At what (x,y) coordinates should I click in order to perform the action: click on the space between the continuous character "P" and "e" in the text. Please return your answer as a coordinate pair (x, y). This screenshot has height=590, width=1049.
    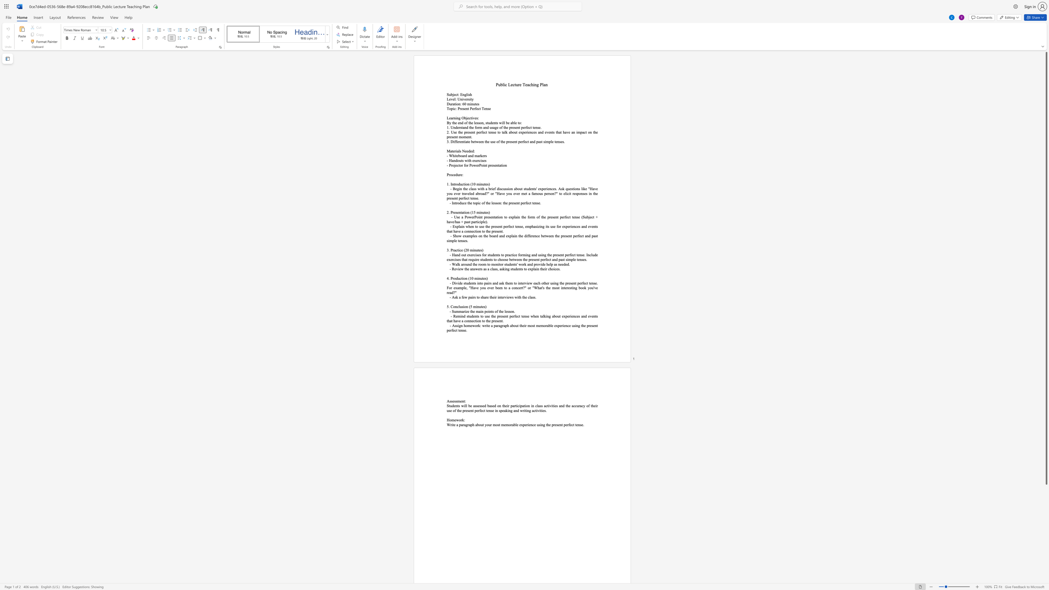
    Looking at the image, I should click on (471, 108).